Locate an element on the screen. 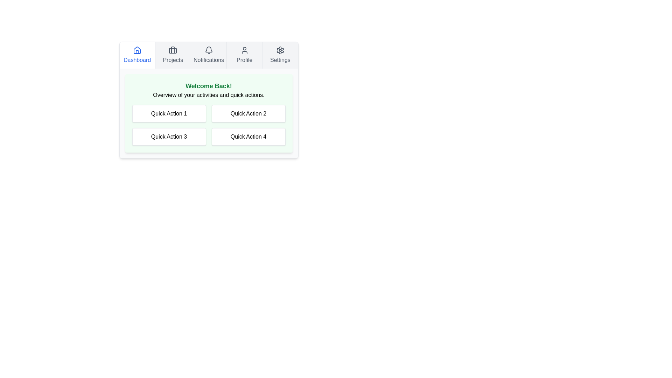 This screenshot has height=378, width=672. the settings button, which is the last item in the horizontal navigation bar, to change its background color is located at coordinates (280, 55).